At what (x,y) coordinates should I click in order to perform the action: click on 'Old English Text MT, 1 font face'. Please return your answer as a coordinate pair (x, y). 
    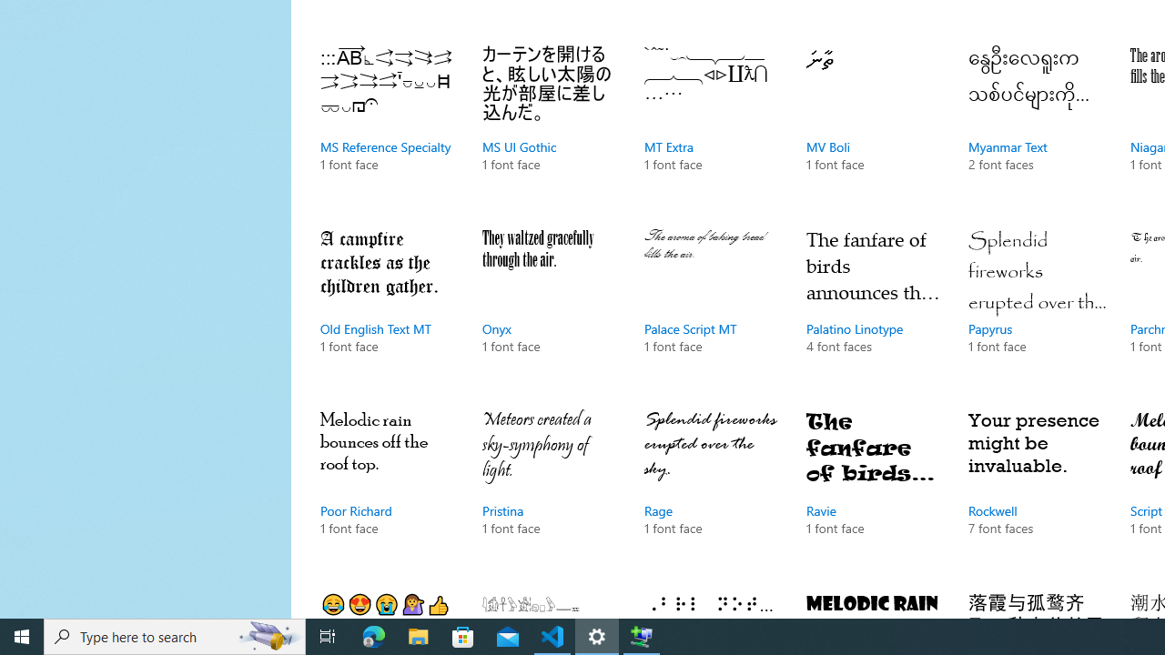
    Looking at the image, I should click on (387, 307).